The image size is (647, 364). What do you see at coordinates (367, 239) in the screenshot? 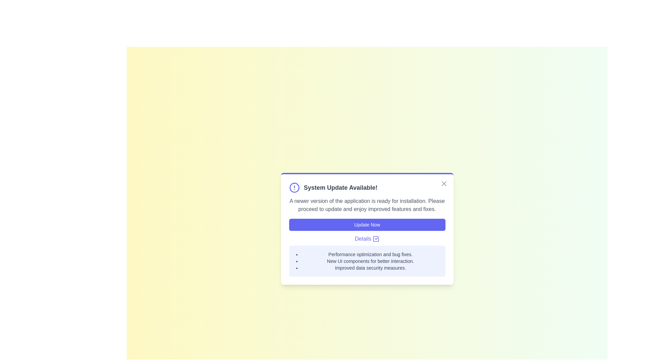
I see `the 'Details' button to toggle the visibility of the details section` at bounding box center [367, 239].